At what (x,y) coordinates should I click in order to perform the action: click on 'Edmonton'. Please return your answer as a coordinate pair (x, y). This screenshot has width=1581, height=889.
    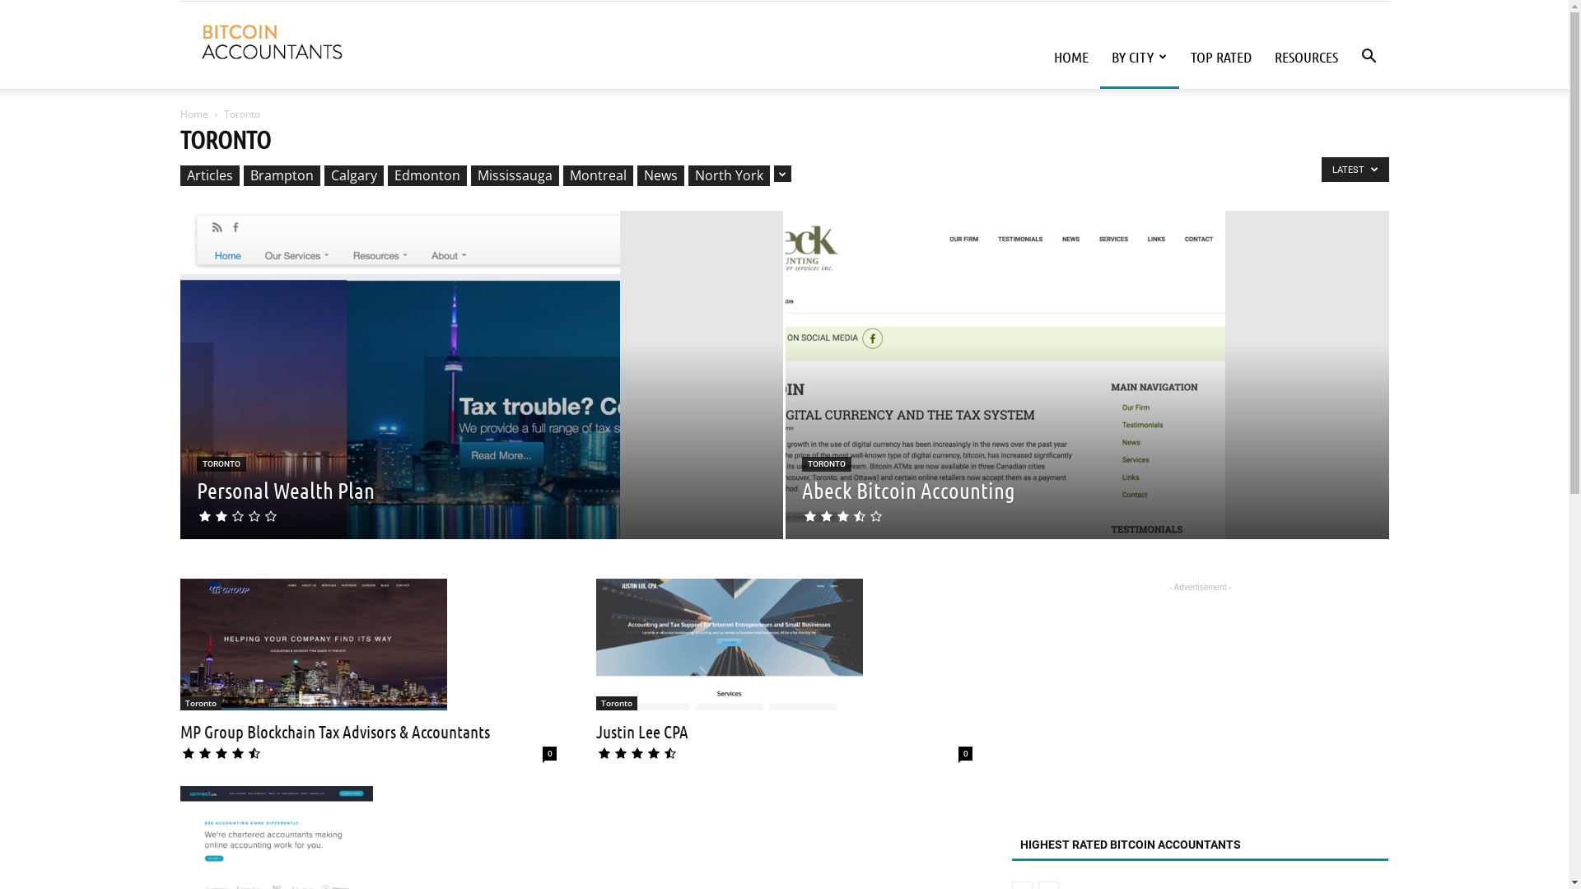
    Looking at the image, I should click on (427, 175).